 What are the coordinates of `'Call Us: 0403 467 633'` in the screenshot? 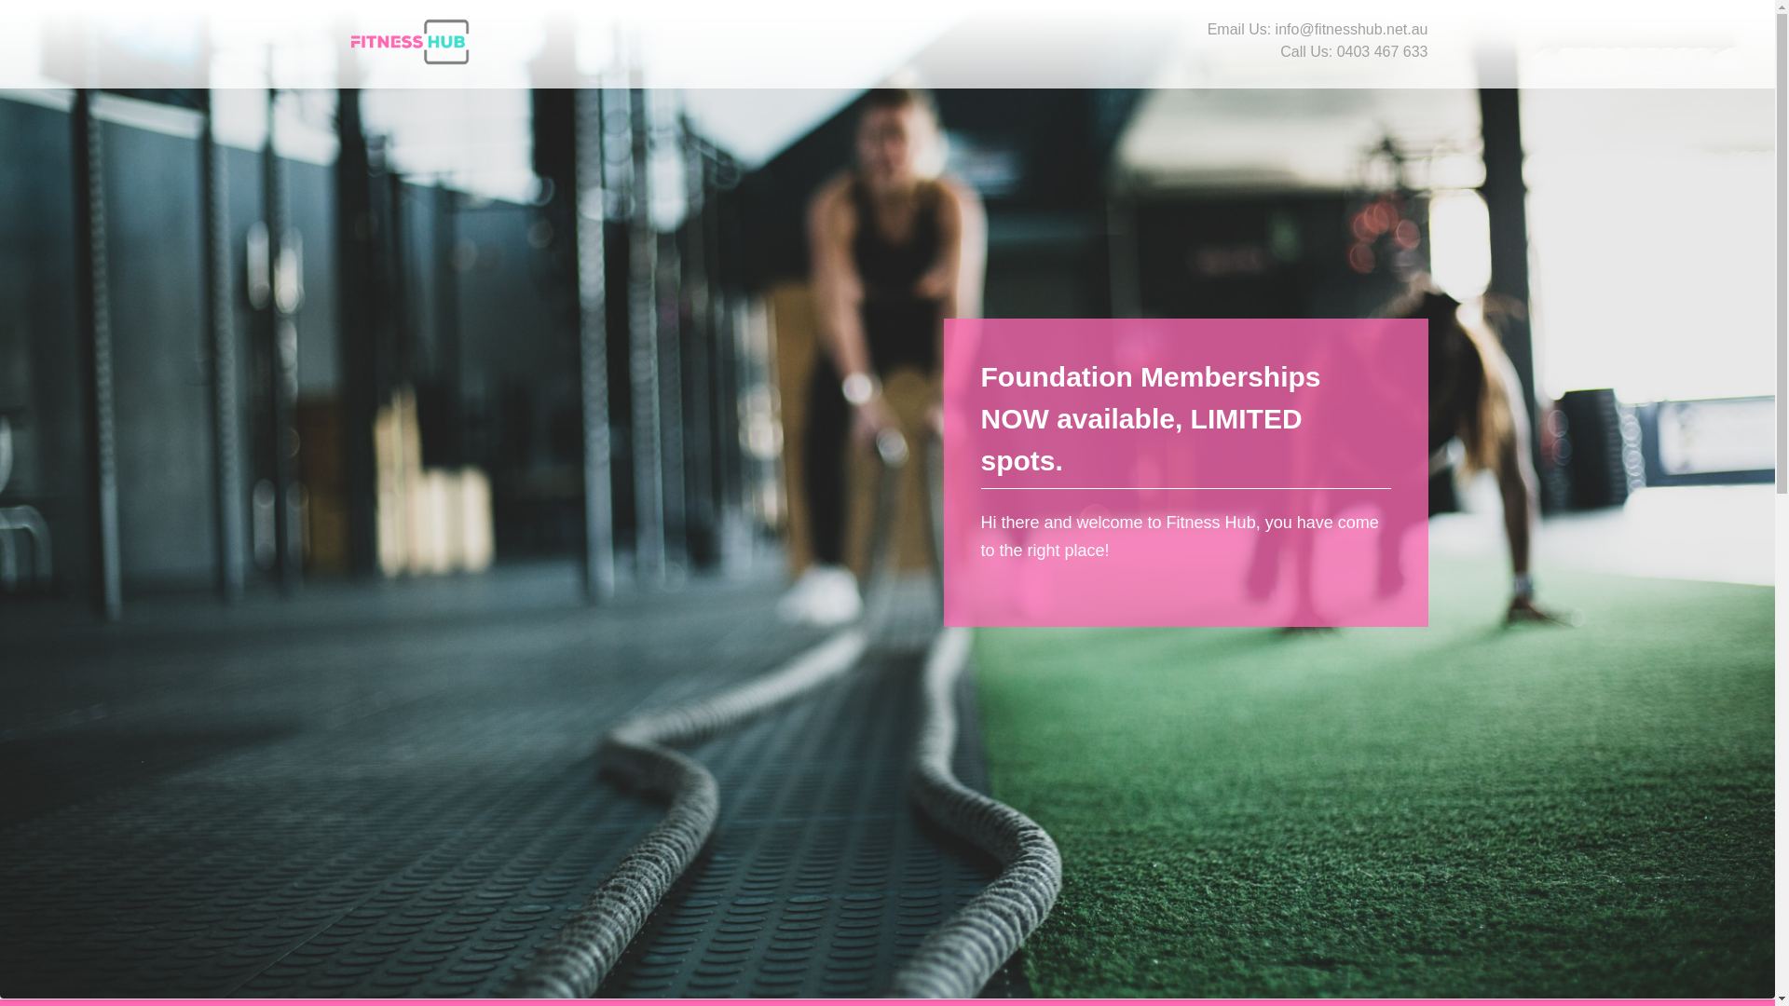 It's located at (1354, 50).